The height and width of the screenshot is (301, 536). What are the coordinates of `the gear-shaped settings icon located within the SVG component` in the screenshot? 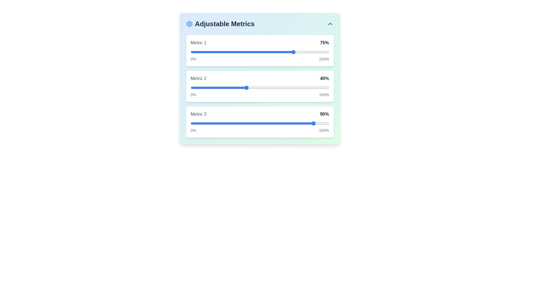 It's located at (189, 23).